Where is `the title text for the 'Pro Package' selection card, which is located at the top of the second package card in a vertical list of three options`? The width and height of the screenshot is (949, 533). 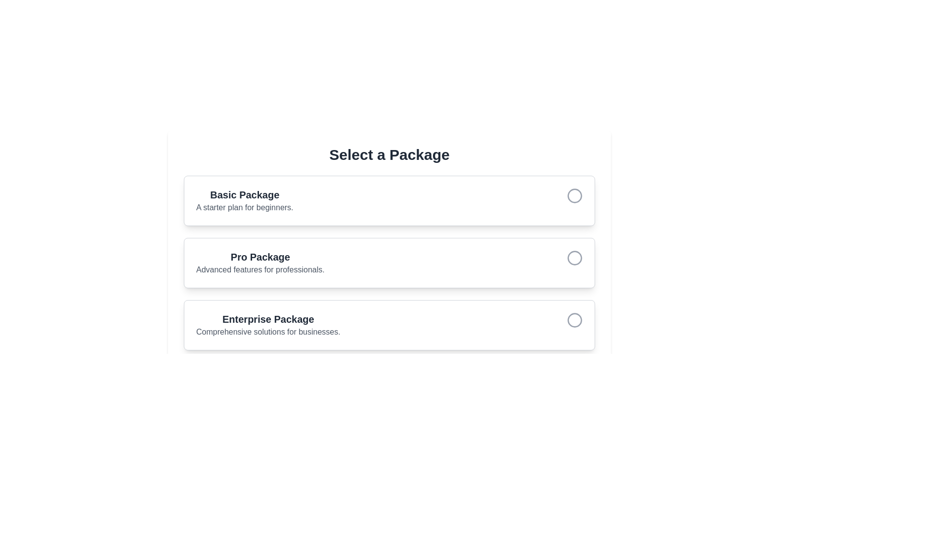 the title text for the 'Pro Package' selection card, which is located at the top of the second package card in a vertical list of three options is located at coordinates (260, 256).